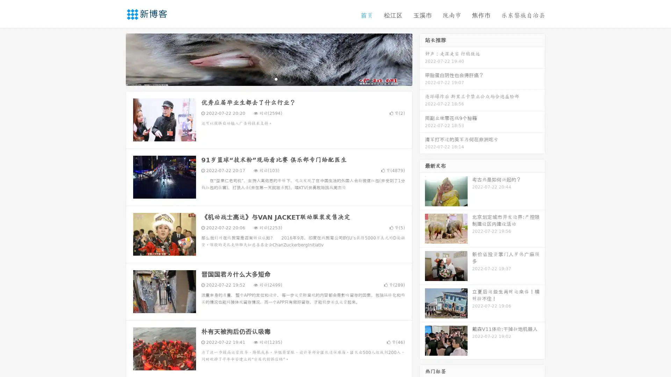 Image resolution: width=671 pixels, height=377 pixels. Describe the element at coordinates (115, 59) in the screenshot. I see `Previous slide` at that location.